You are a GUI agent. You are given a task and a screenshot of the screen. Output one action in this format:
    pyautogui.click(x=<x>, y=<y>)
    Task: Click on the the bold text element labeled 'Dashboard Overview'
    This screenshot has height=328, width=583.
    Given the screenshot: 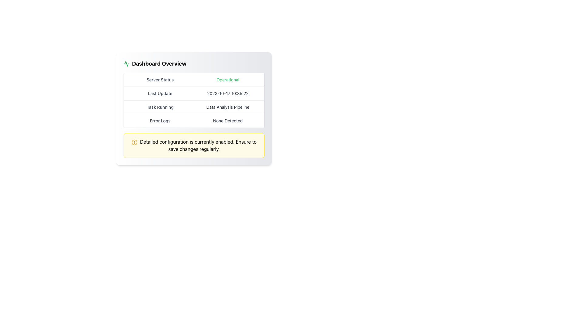 What is the action you would take?
    pyautogui.click(x=159, y=63)
    